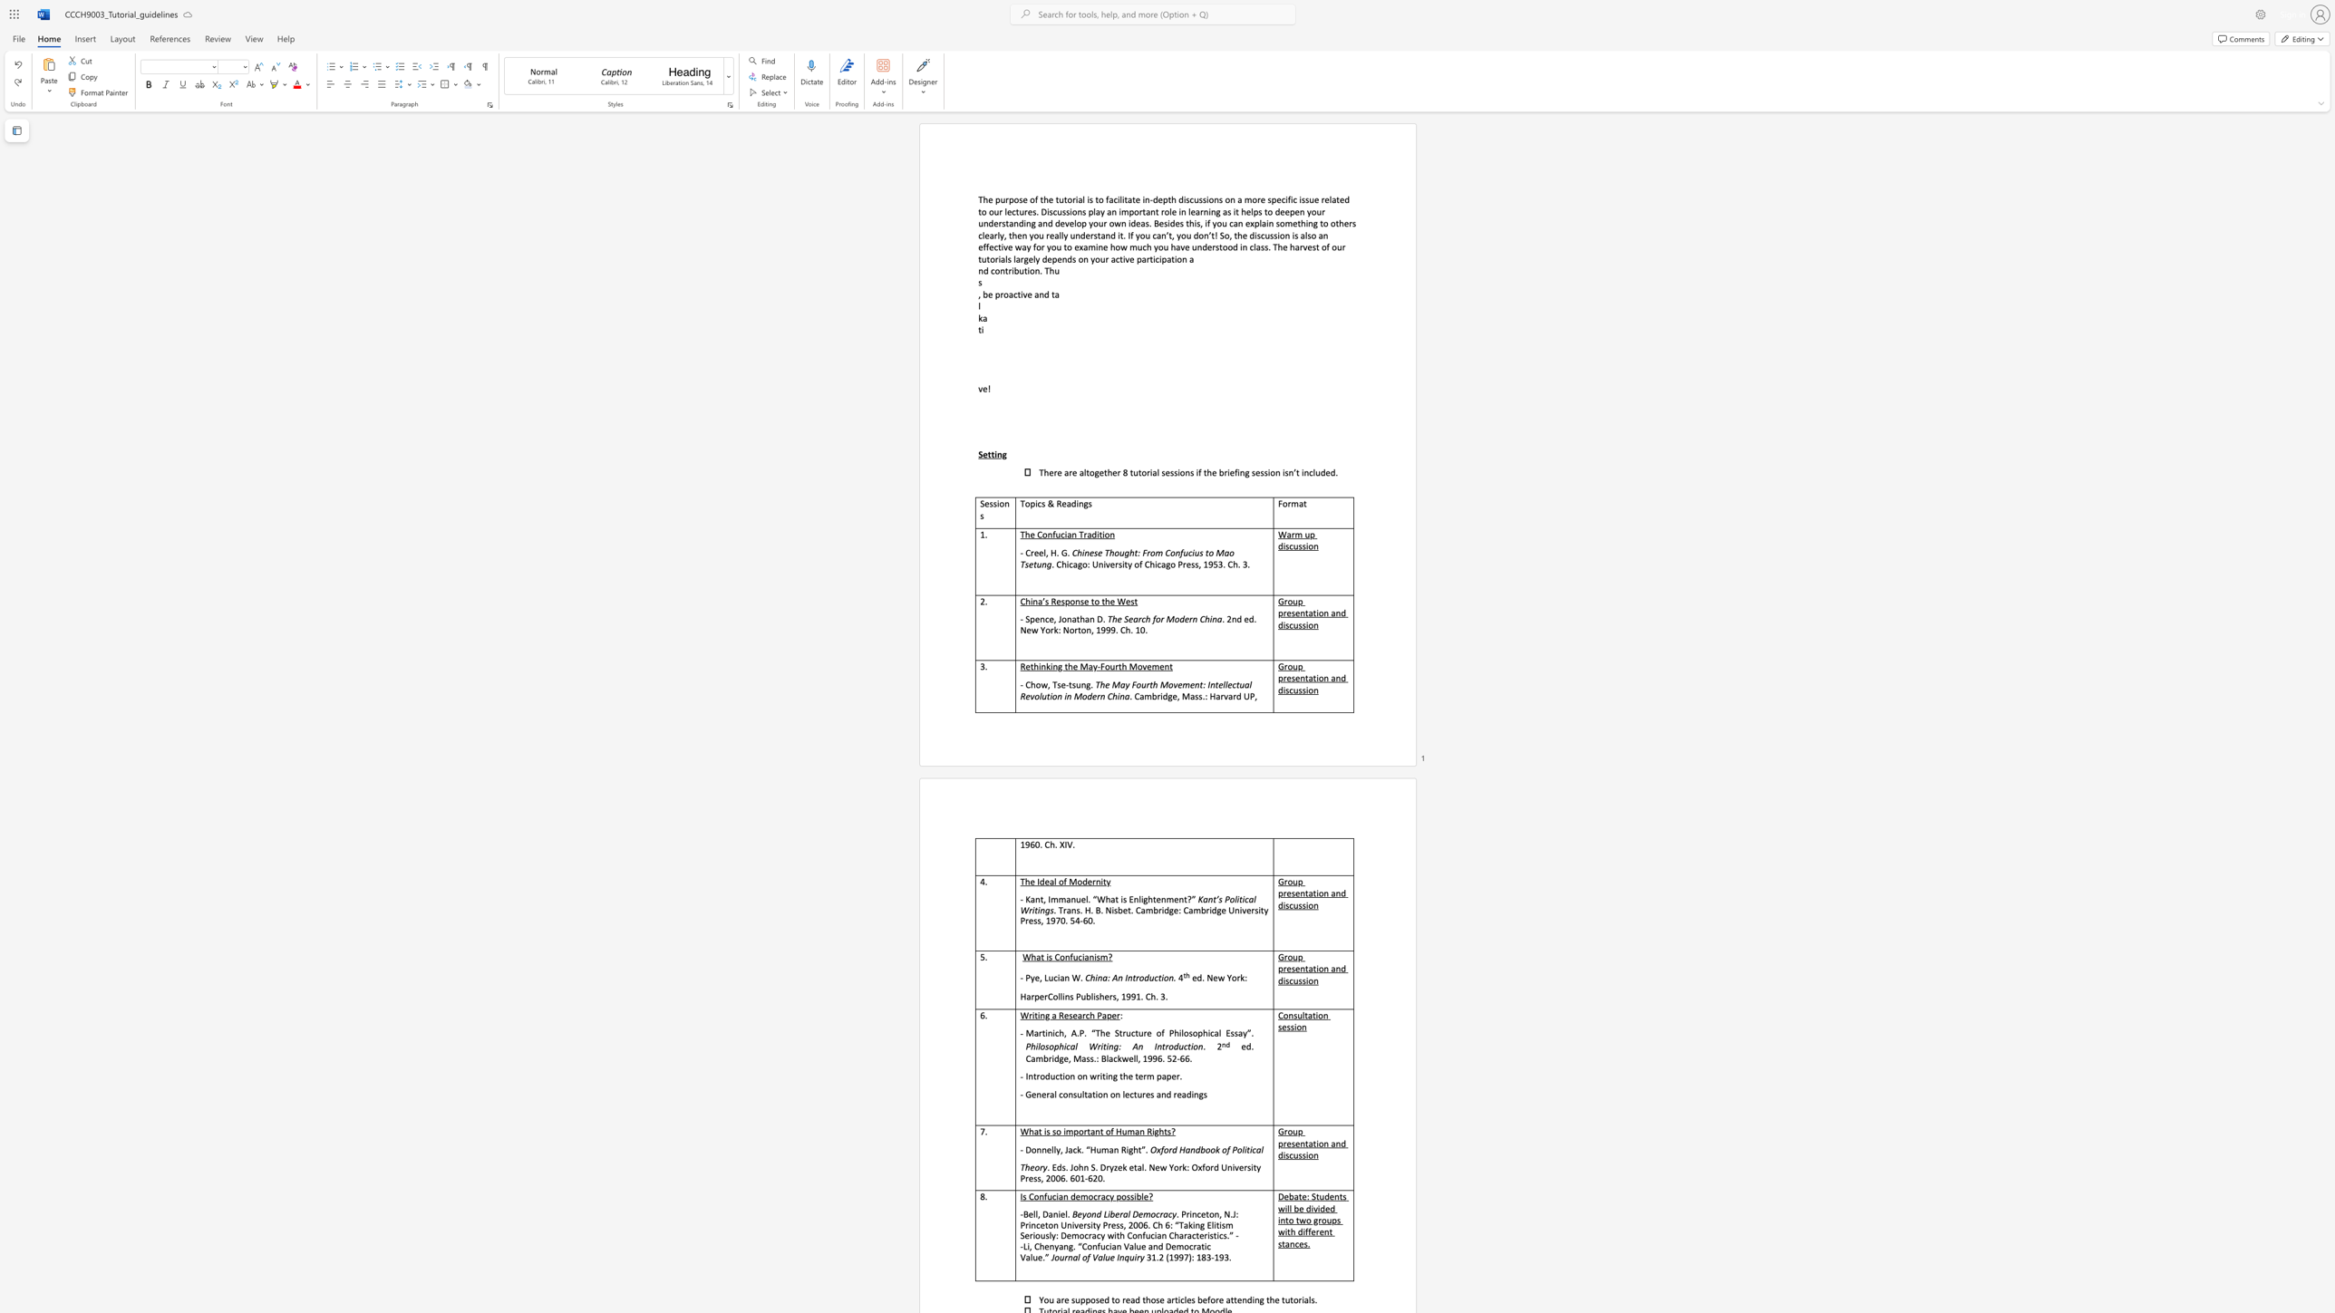 This screenshot has width=2335, height=1313. What do you see at coordinates (1038, 551) in the screenshot?
I see `the space between the continuous character "e" and "e" in the text` at bounding box center [1038, 551].